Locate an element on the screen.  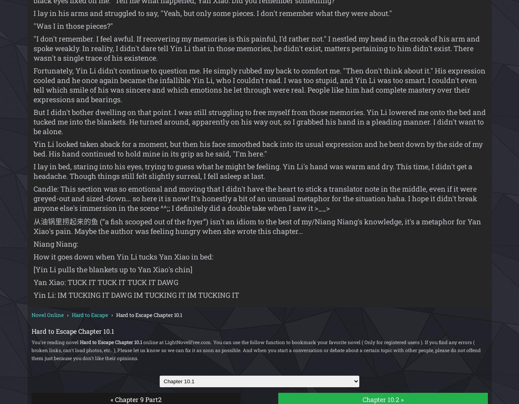
'[Yin Li pulls the blankets up to Yan Xiao's chin]' is located at coordinates (33, 269).